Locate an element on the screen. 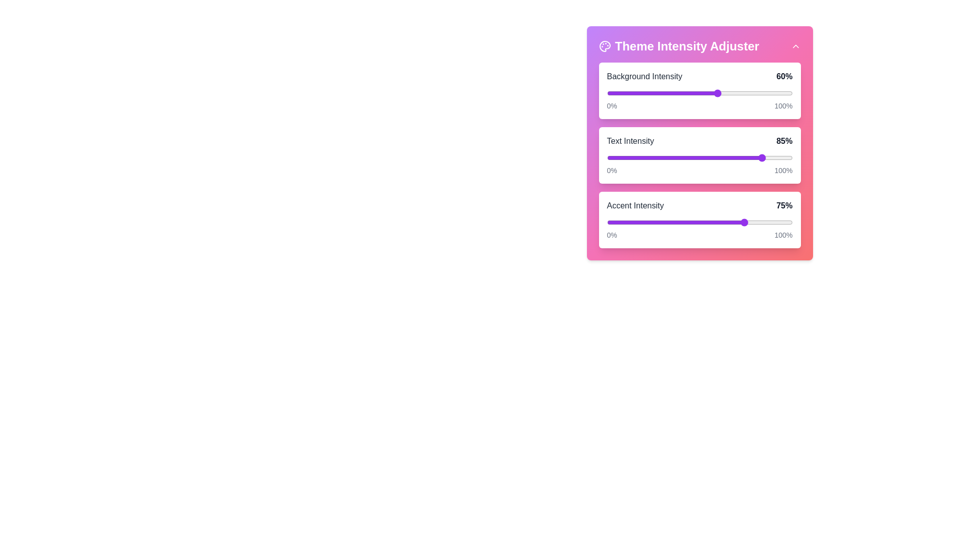 Image resolution: width=969 pixels, height=545 pixels. the accent intensity is located at coordinates (638, 222).